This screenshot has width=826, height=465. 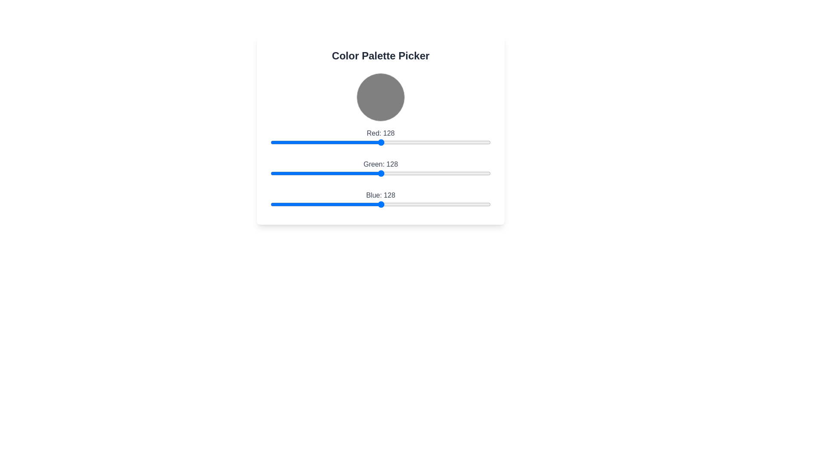 I want to click on the 'Red' color component, so click(x=412, y=142).